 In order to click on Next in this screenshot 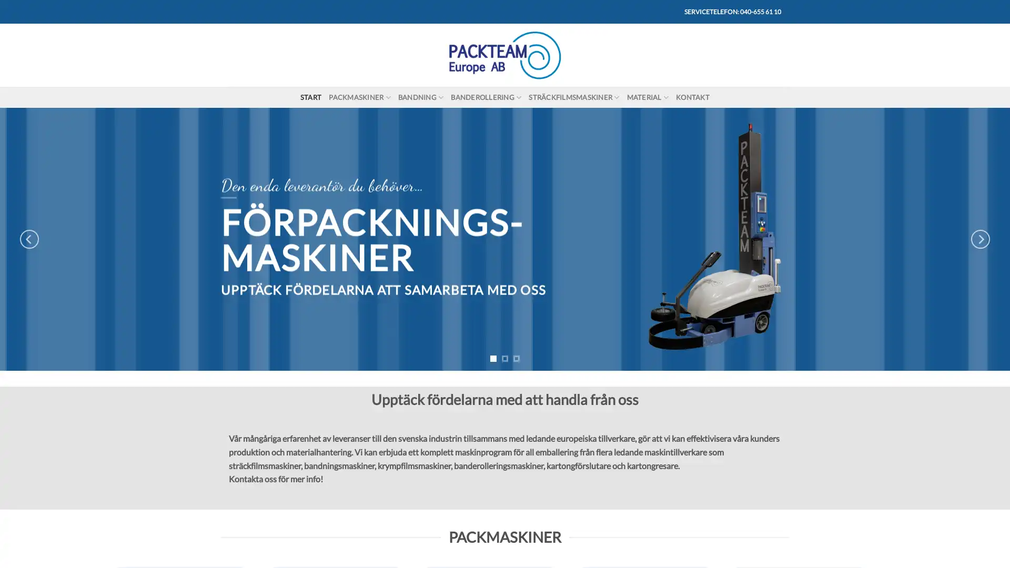, I will do `click(779, 395)`.